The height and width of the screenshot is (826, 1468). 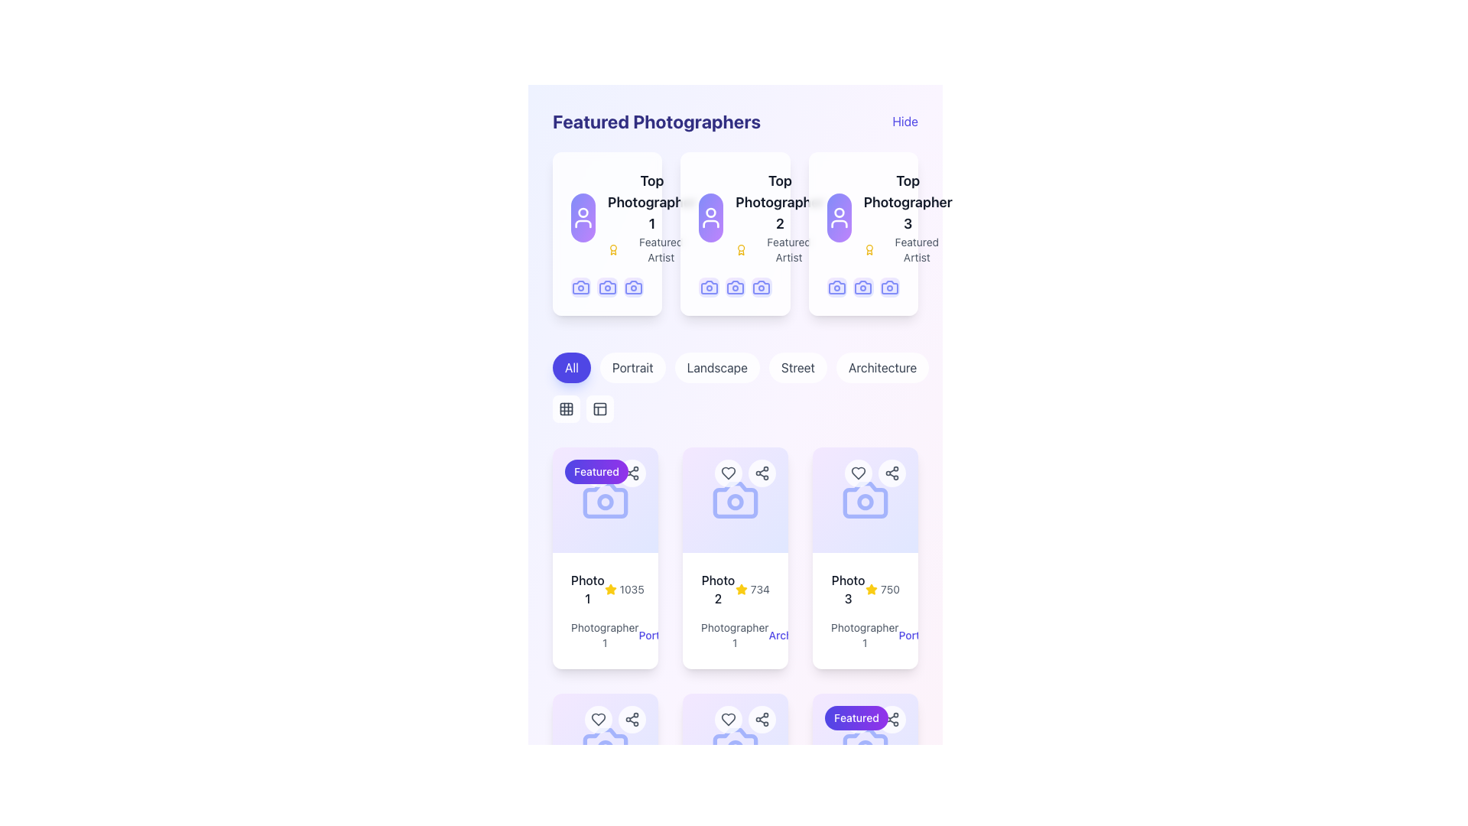 I want to click on the heart-shaped icon button located, so click(x=597, y=720).